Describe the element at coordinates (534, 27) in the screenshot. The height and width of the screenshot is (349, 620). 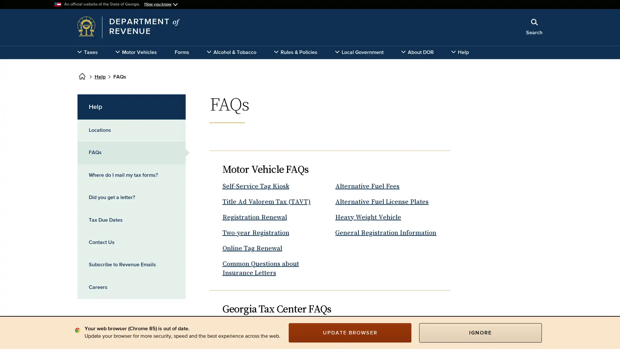
I see `Search` at that location.